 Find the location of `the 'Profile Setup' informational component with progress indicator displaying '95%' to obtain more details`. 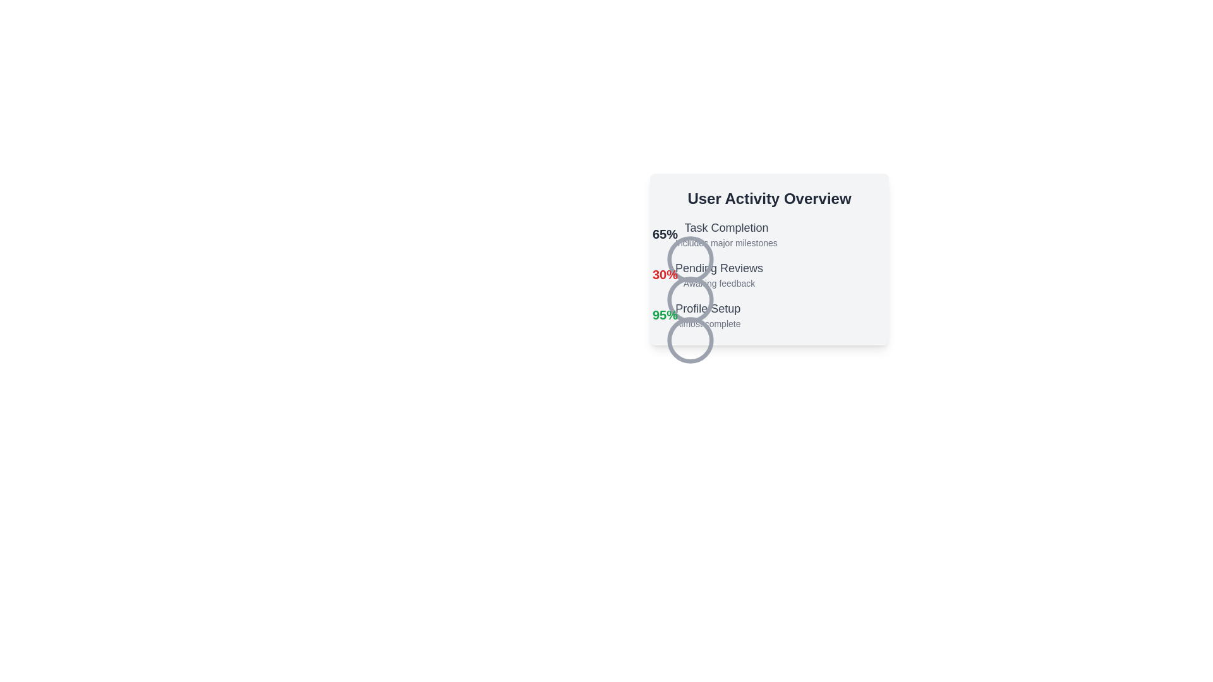

the 'Profile Setup' informational component with progress indicator displaying '95%' to obtain more details is located at coordinates (769, 314).